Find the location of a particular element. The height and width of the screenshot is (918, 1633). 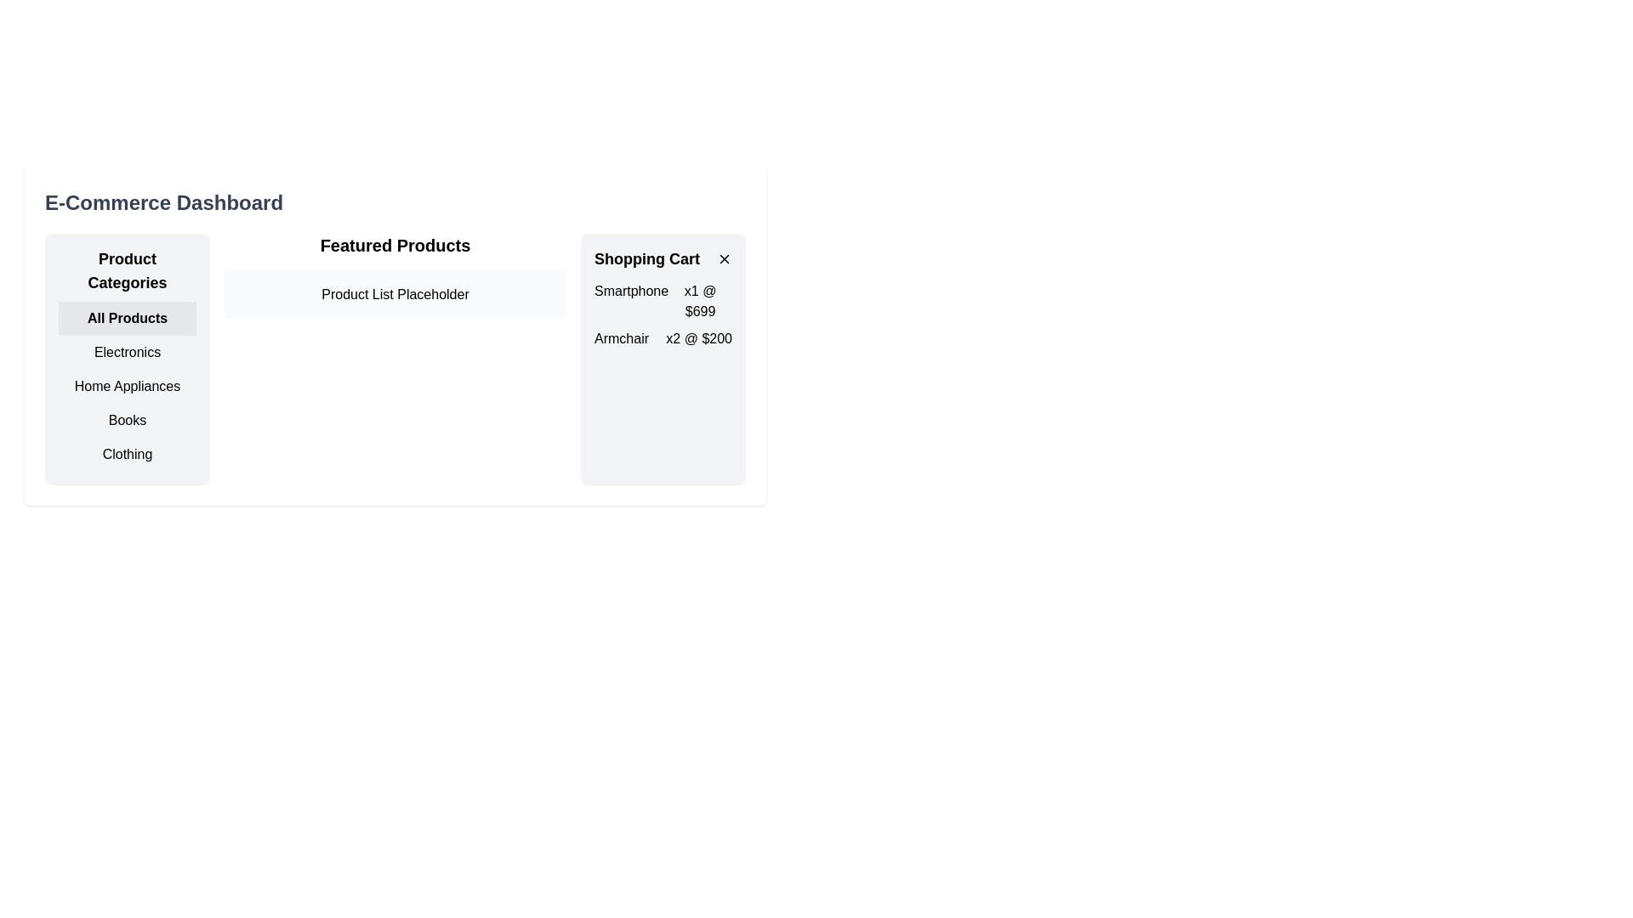

the header text label 'Product Categories', which is bold and larger in size, located in the leftmost column with a light gray background is located at coordinates (126, 270).